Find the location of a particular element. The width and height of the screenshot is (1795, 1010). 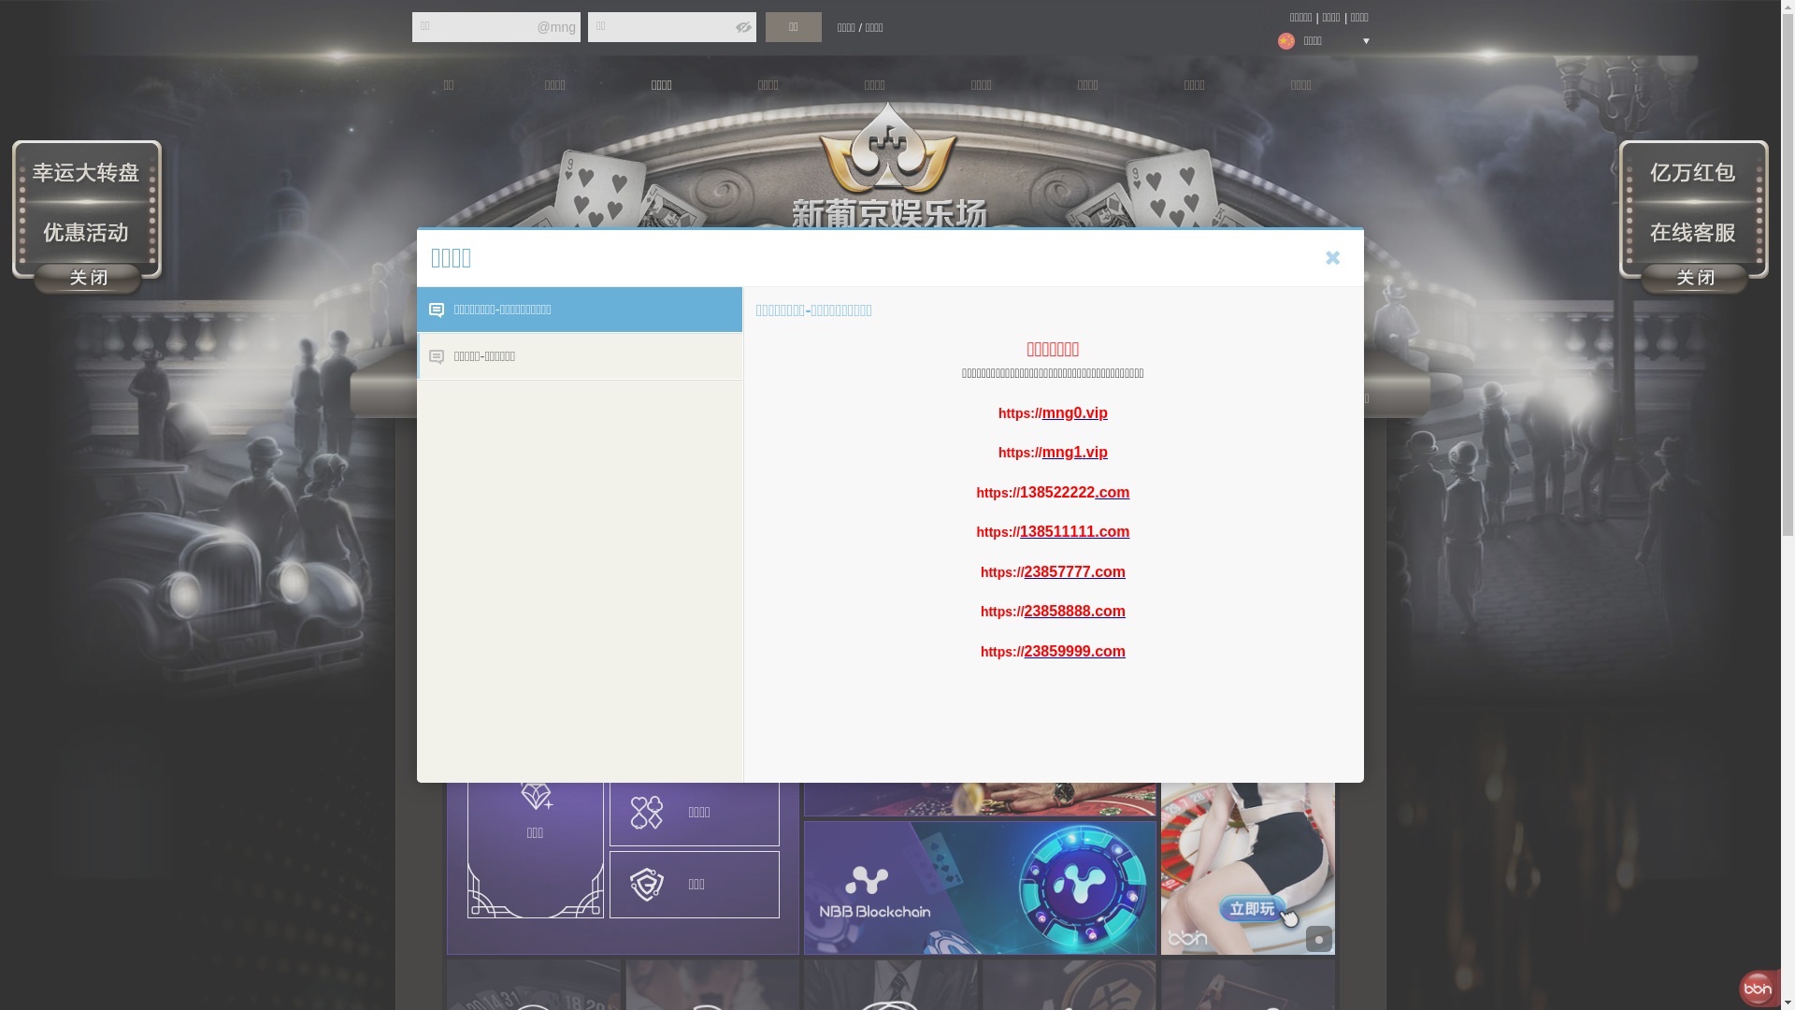

'23859999.com' is located at coordinates (1075, 650).